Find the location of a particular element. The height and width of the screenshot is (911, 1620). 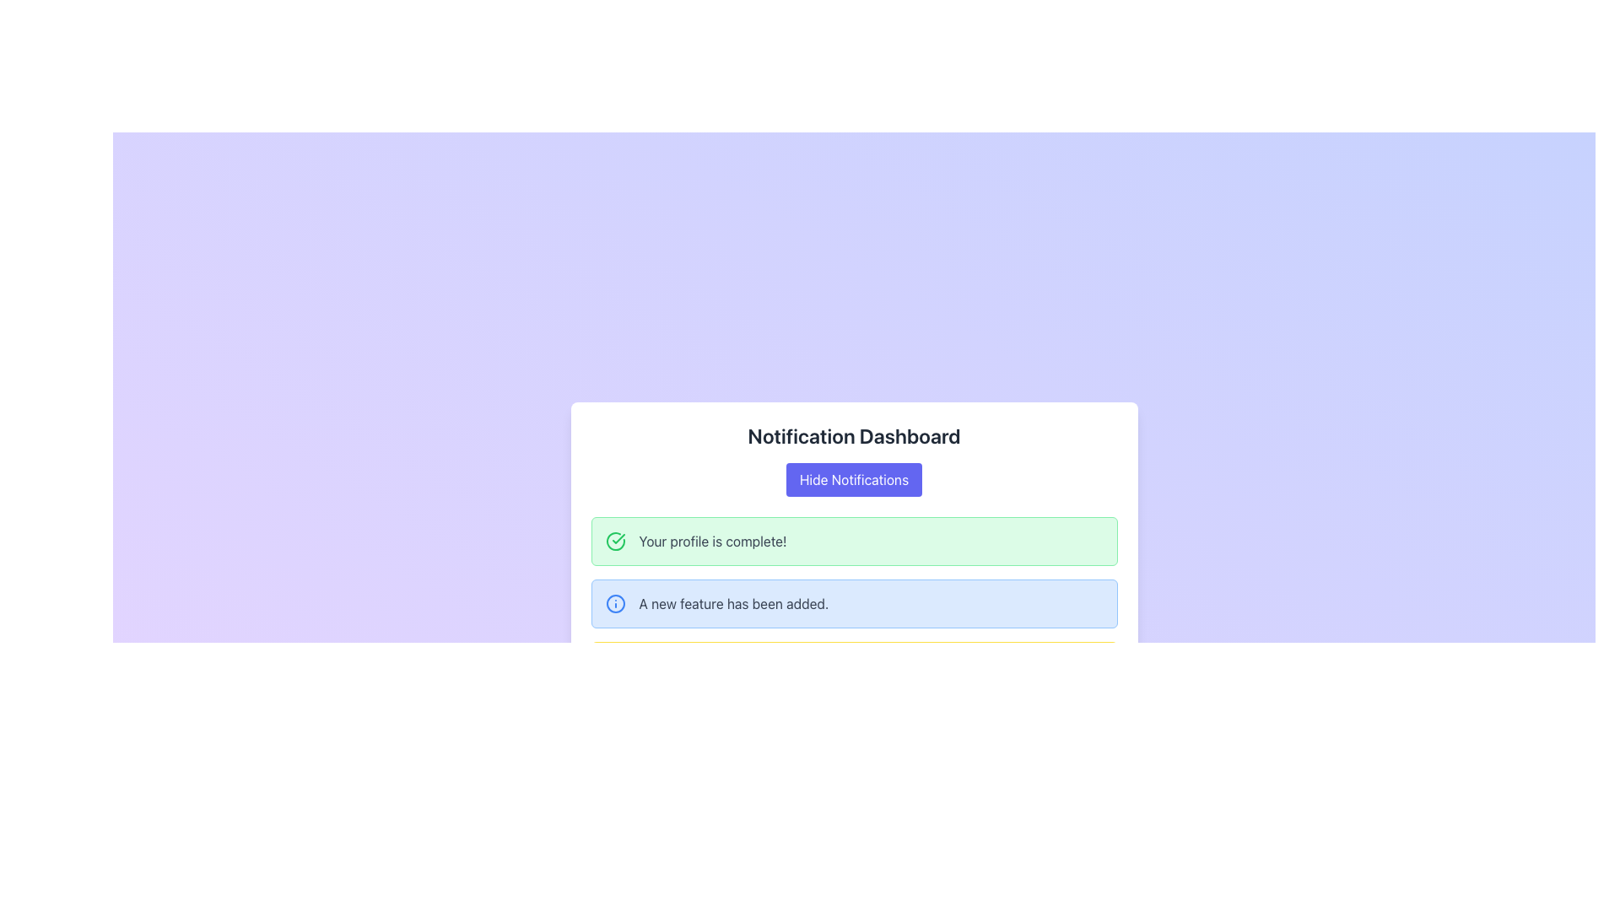

text displayed in the static notification box indicating the completion status of the user's profile, which is positioned slightly to the right of the green checkmark icon is located at coordinates (712, 541).